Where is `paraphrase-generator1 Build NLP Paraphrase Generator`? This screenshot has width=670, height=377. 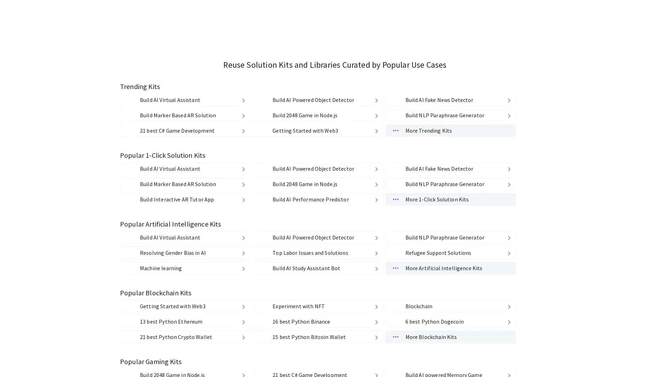 paraphrase-generator1 Build NLP Paraphrase Generator is located at coordinates (450, 359).